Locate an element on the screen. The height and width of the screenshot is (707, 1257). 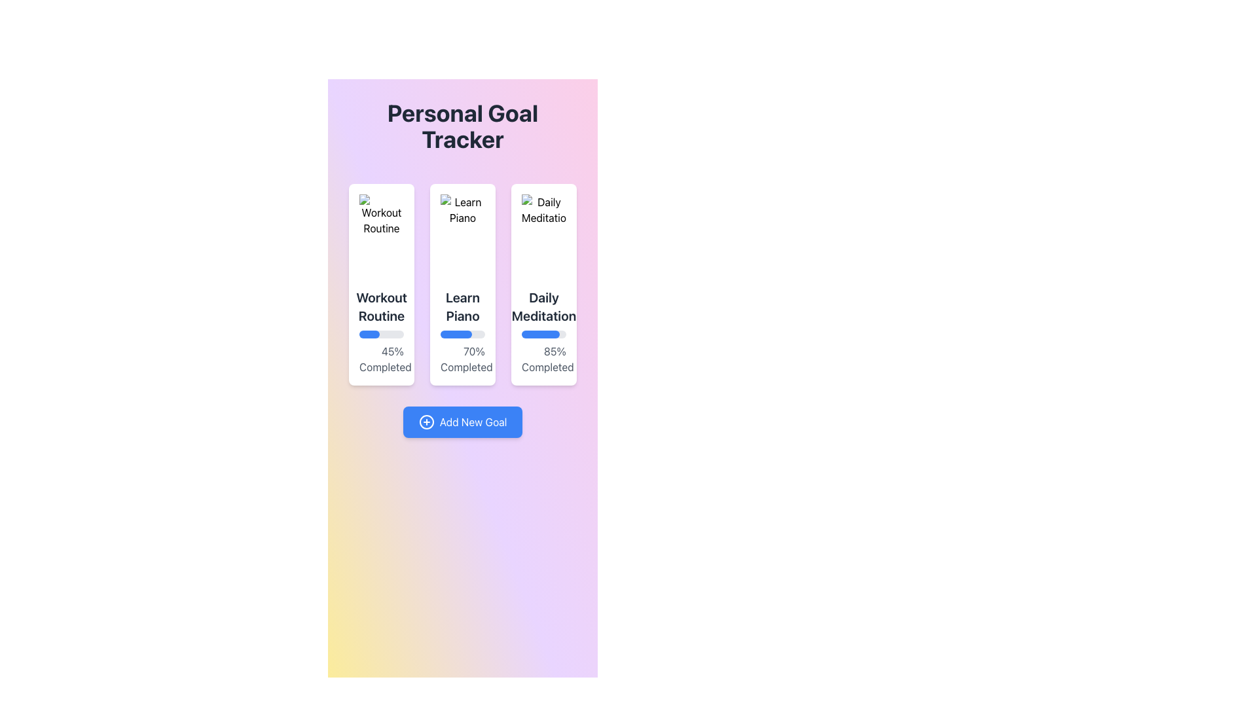
text from the 'Learn Piano' label, which is a bold, large, dark gray text on a white background located in the second card from the left, below an image and above a progress bar is located at coordinates (462, 307).